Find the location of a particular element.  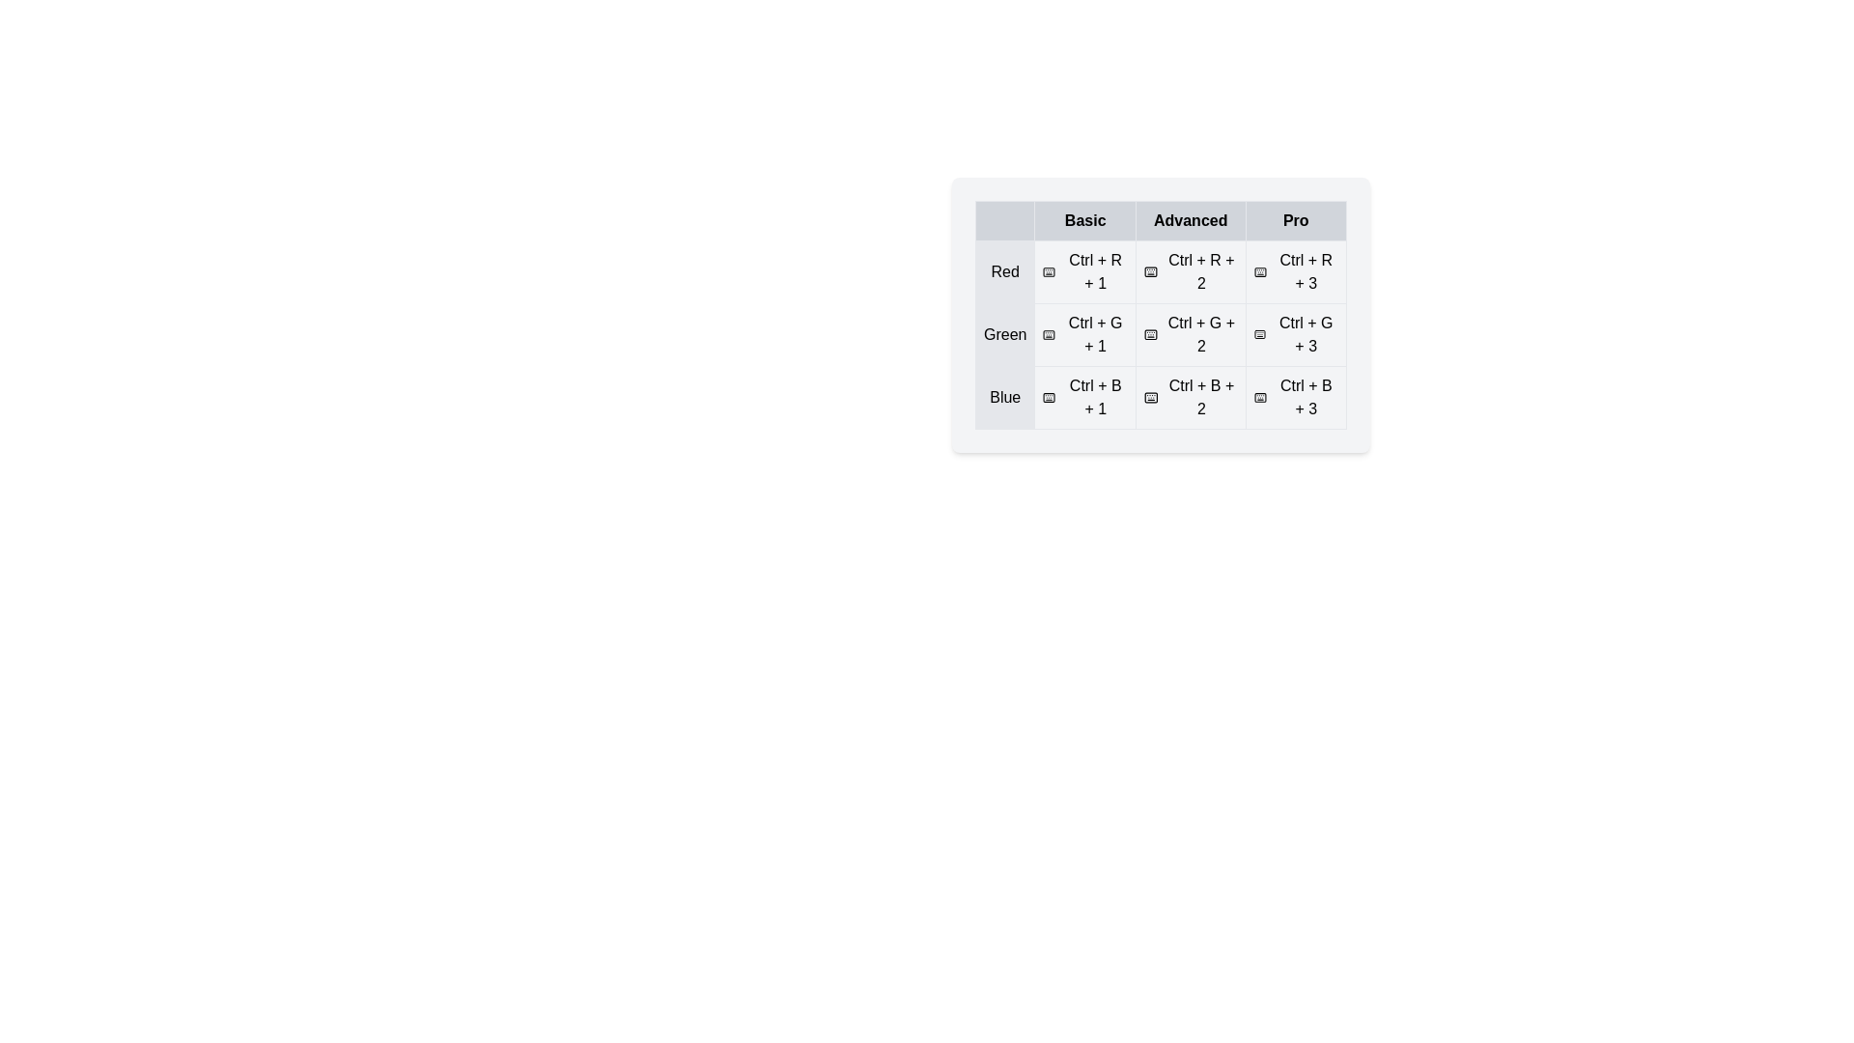

the table cell displaying 'Ctrl + B + 2' under the 'Advanced' column for the 'Blue' row is located at coordinates (1190, 397).